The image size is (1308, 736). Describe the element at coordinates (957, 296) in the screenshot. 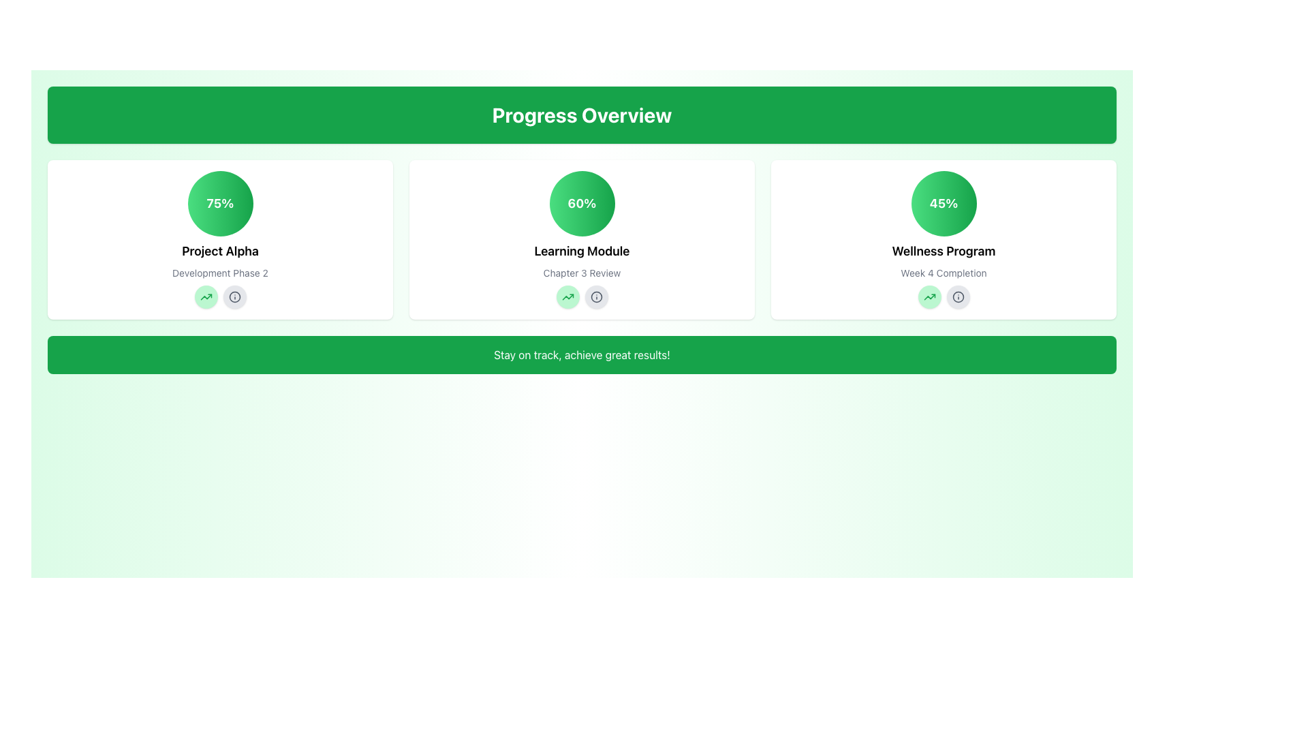

I see `the informational icon styled in a circle with a grayish background located in the lower section of the middle card` at that location.